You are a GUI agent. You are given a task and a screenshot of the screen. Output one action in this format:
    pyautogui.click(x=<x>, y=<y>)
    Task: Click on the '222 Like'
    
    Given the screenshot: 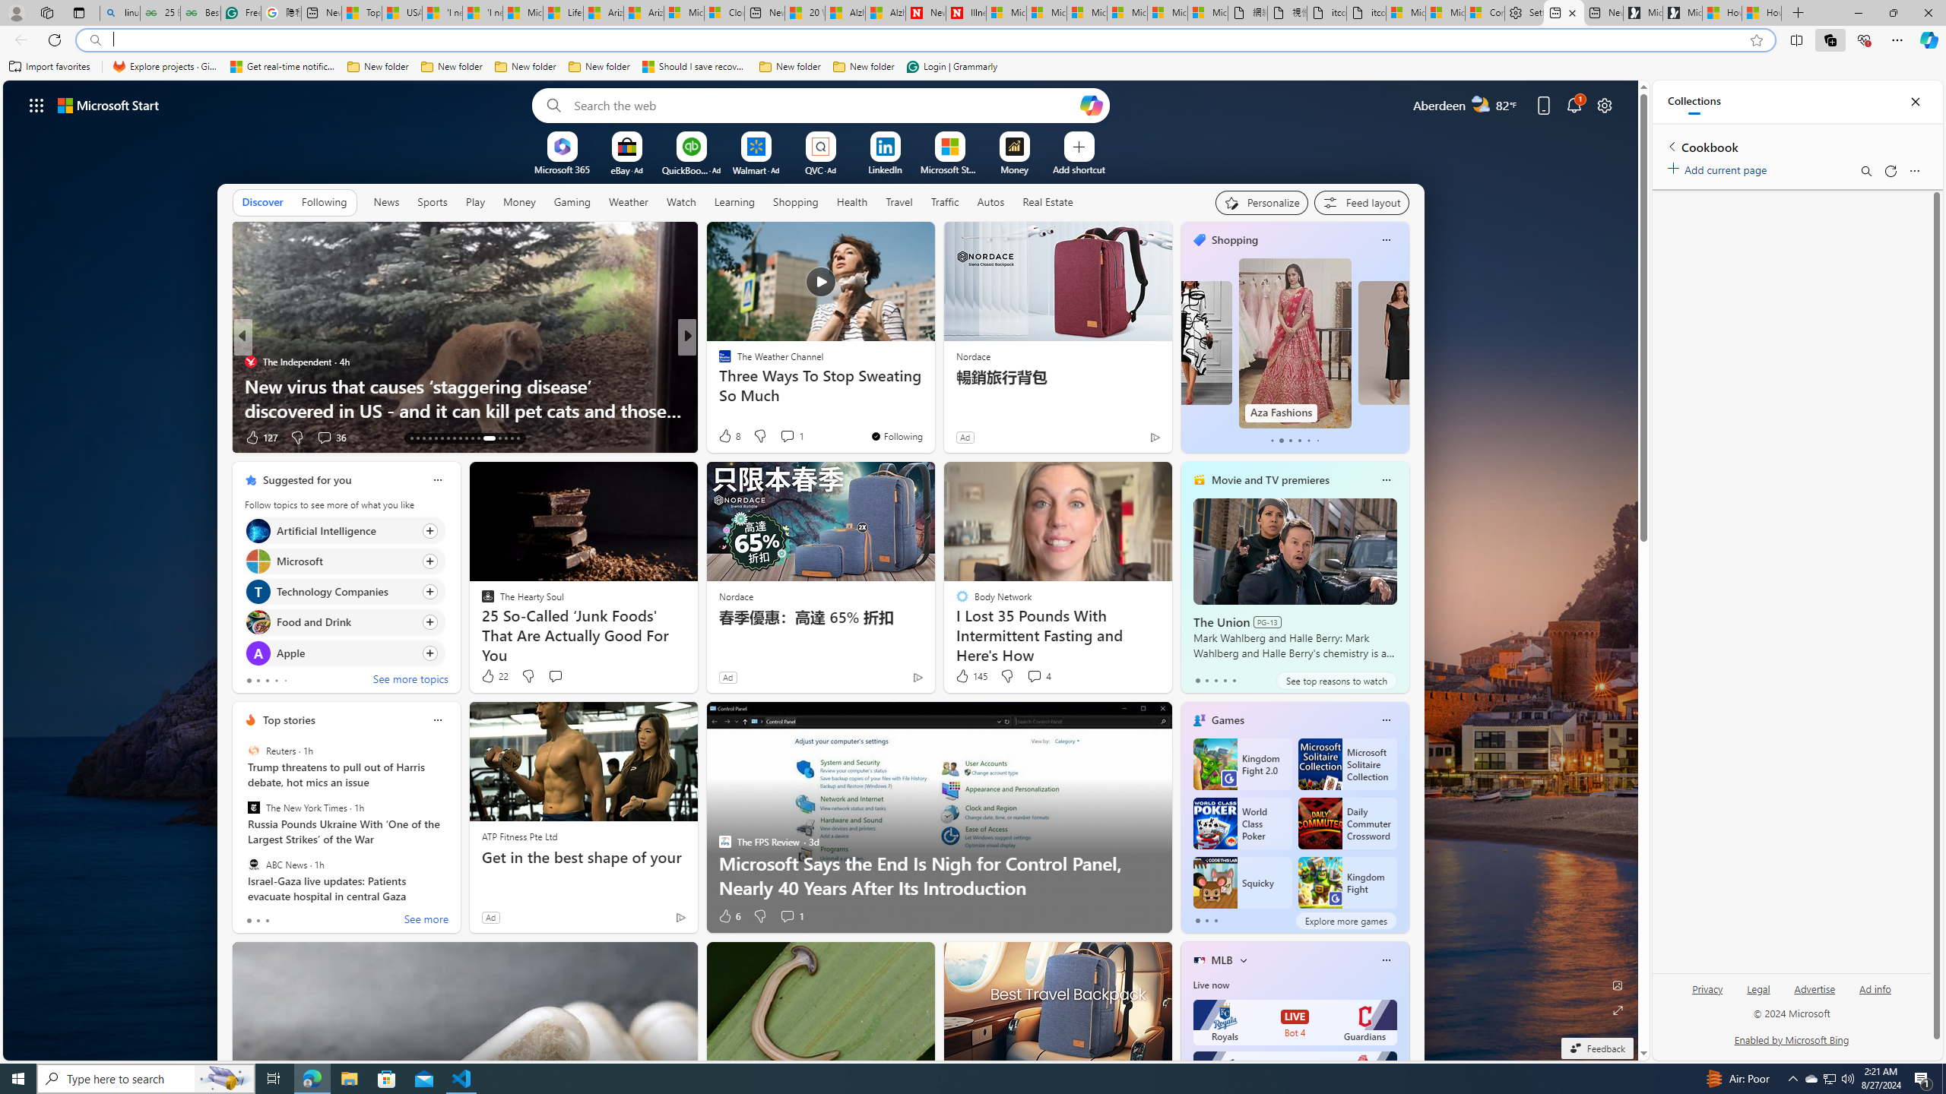 What is the action you would take?
    pyautogui.click(x=727, y=437)
    